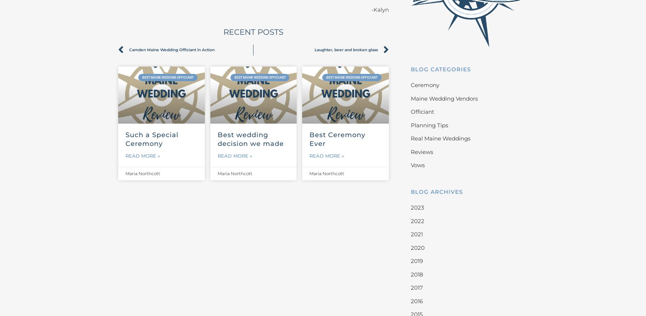 This screenshot has height=316, width=646. What do you see at coordinates (416, 274) in the screenshot?
I see `'2018'` at bounding box center [416, 274].